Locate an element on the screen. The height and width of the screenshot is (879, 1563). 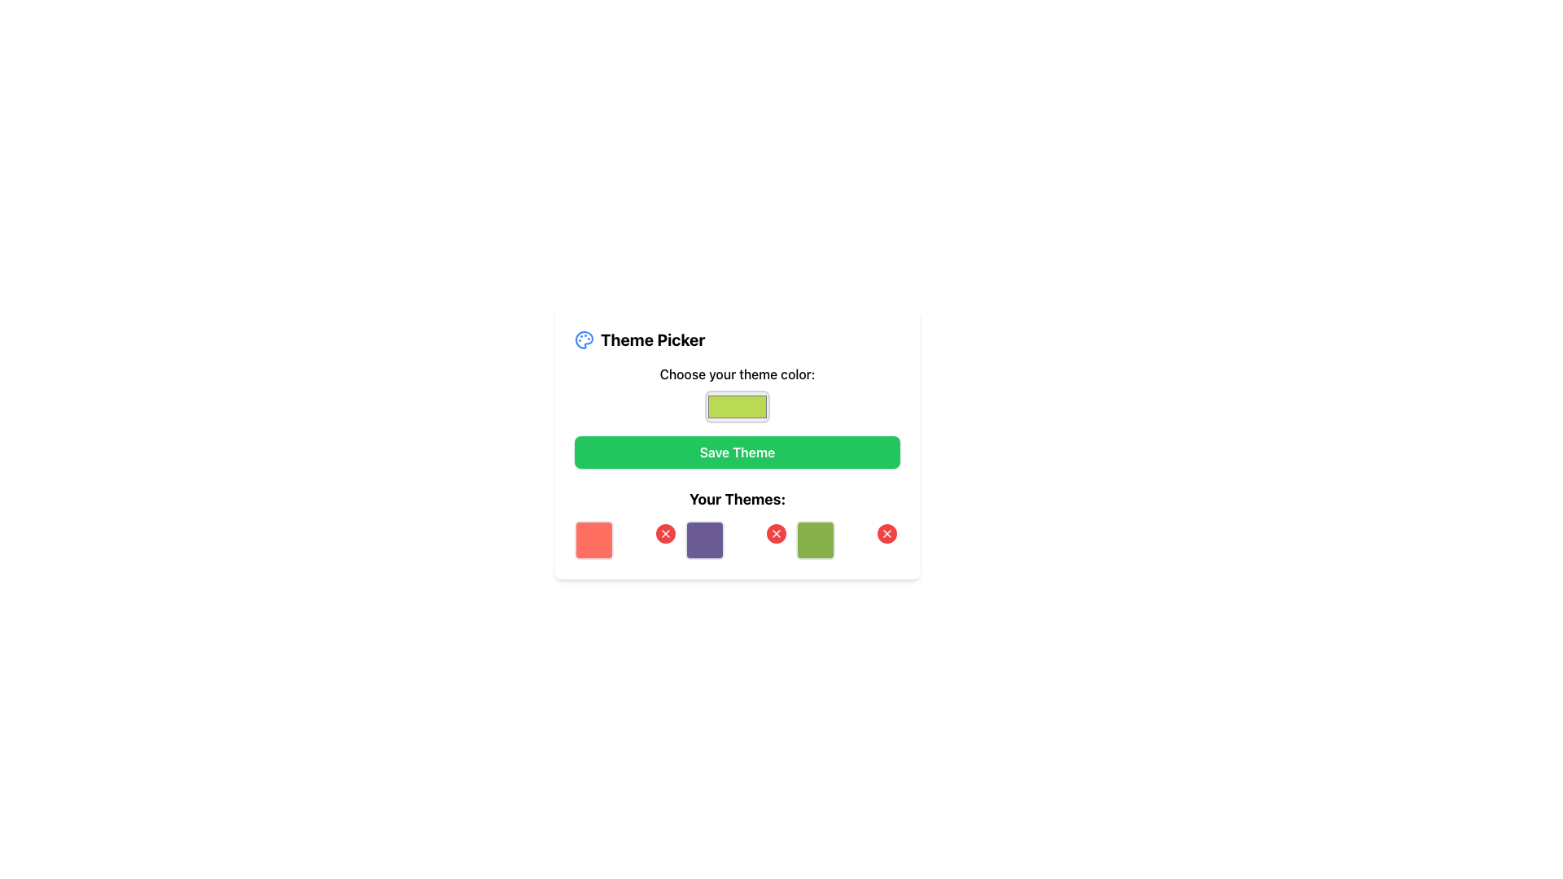
the small square button with a red background and white text located in the top-right corner of the first item in a horizontally arranged list is located at coordinates (625, 540).